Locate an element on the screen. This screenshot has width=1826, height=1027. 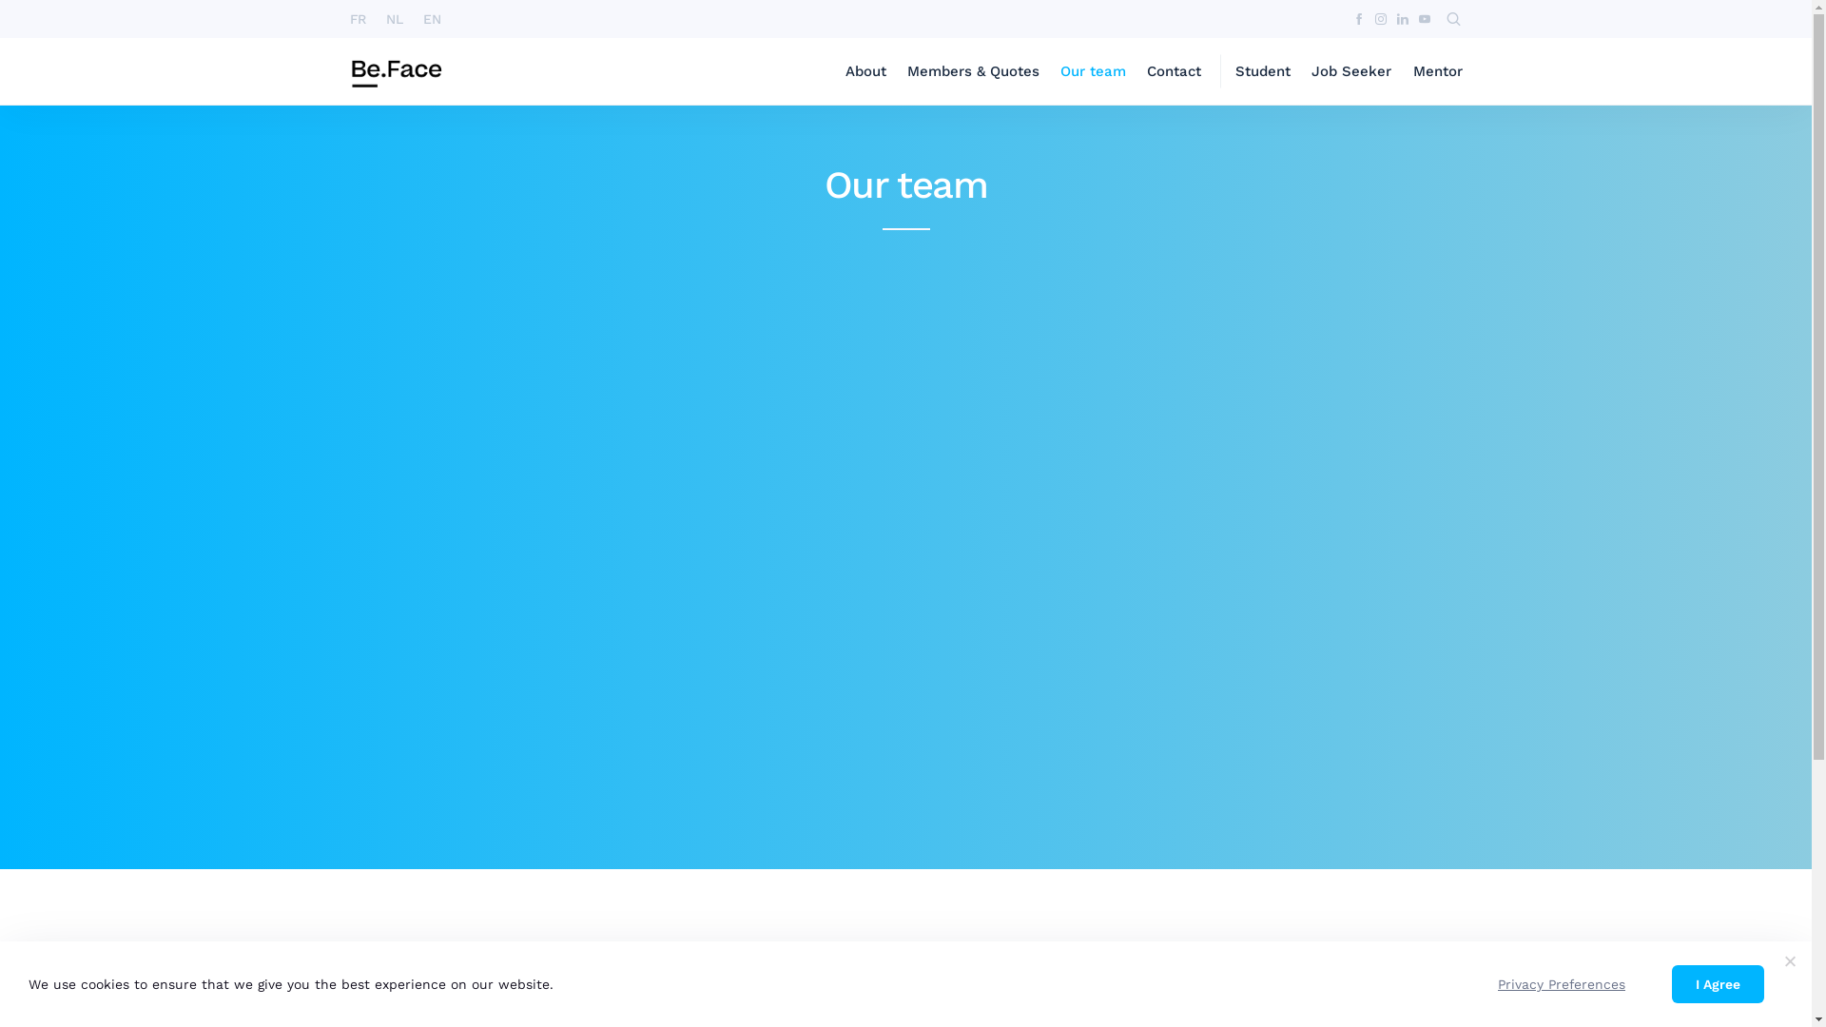
'Members & Quotes' is located at coordinates (973, 69).